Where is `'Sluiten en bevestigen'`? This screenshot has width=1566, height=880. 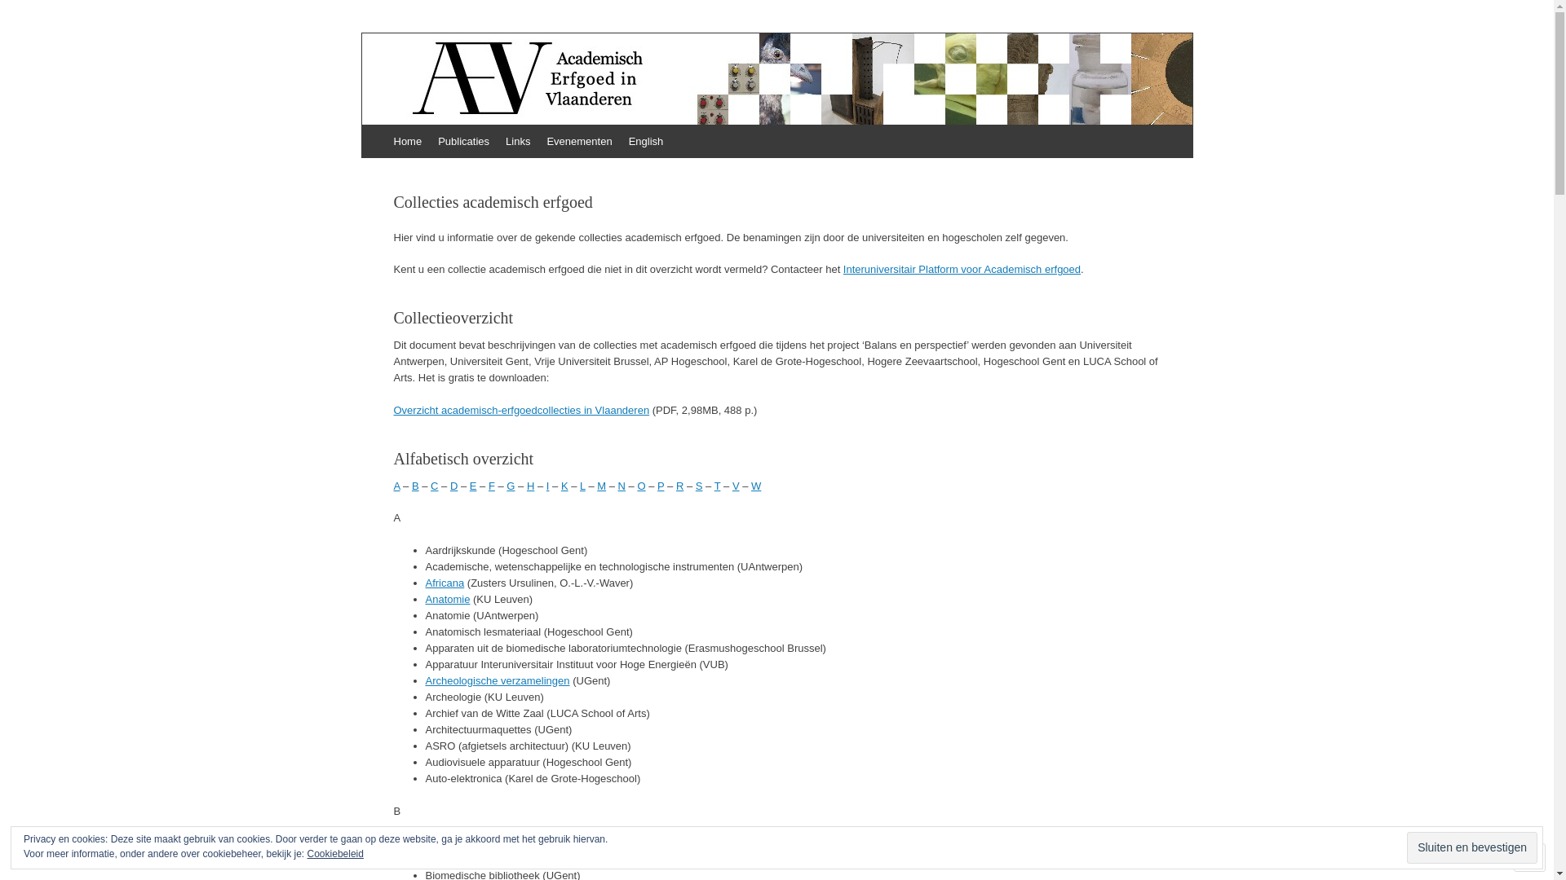
'Sluiten en bevestigen' is located at coordinates (1405, 847).